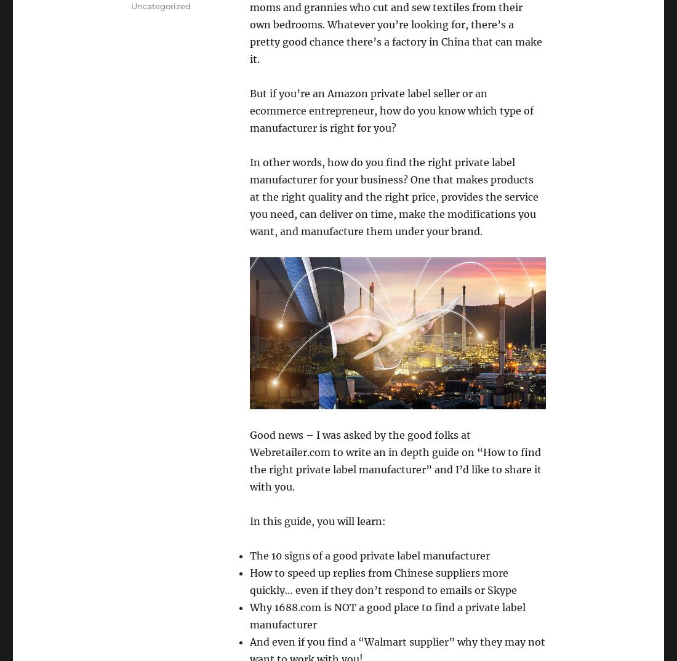 The width and height of the screenshot is (677, 661). I want to click on 'In other words,', so click(286, 161).